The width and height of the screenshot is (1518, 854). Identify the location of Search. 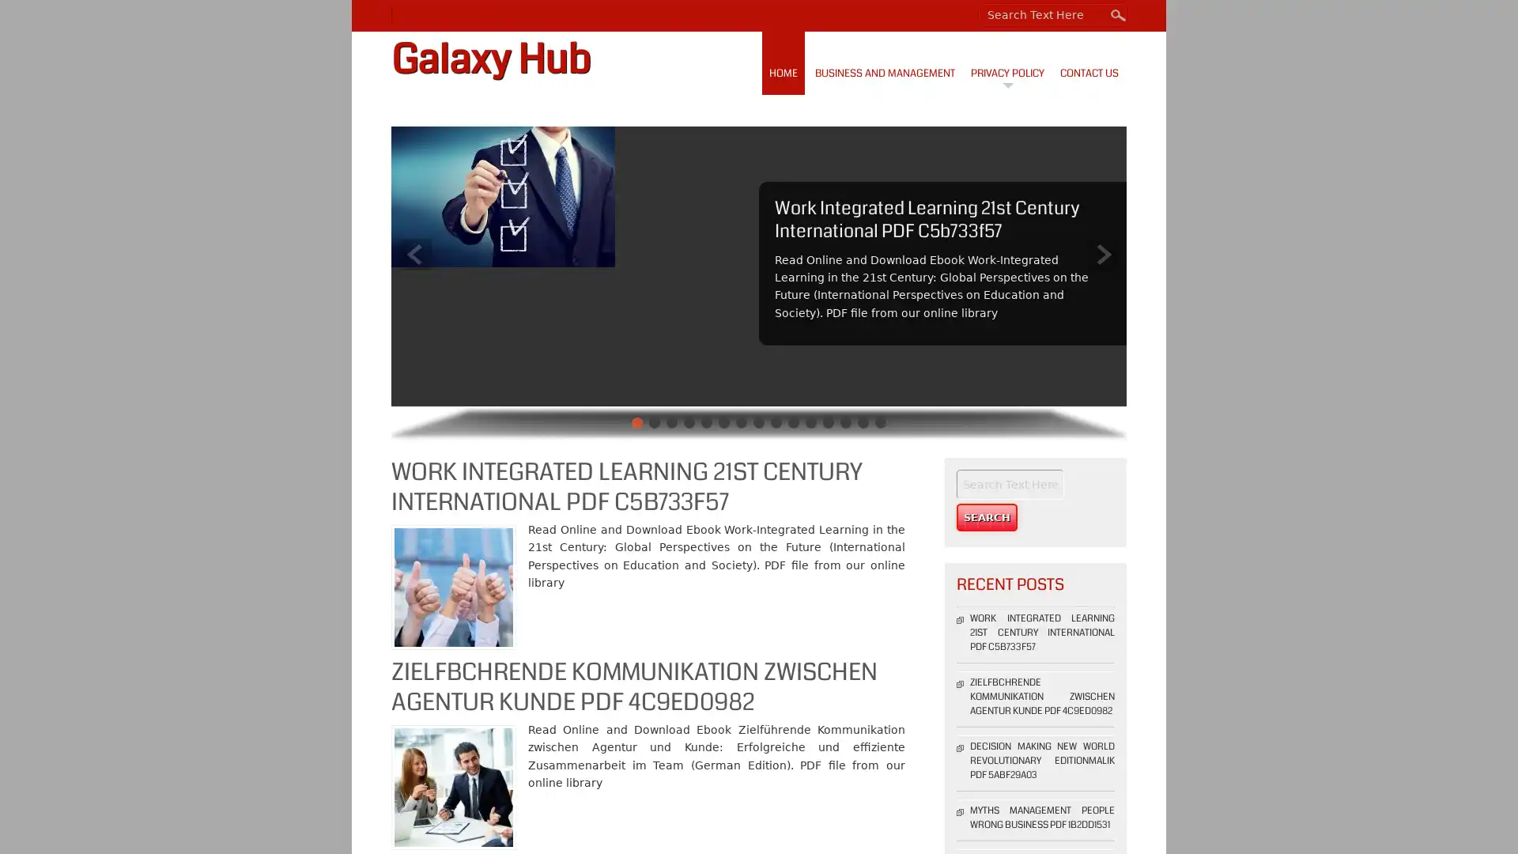
(986, 517).